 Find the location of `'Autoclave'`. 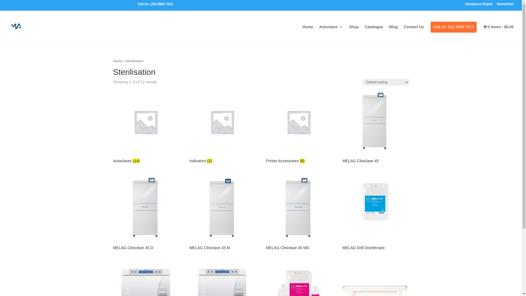

'Autoclave' is located at coordinates (331, 31).